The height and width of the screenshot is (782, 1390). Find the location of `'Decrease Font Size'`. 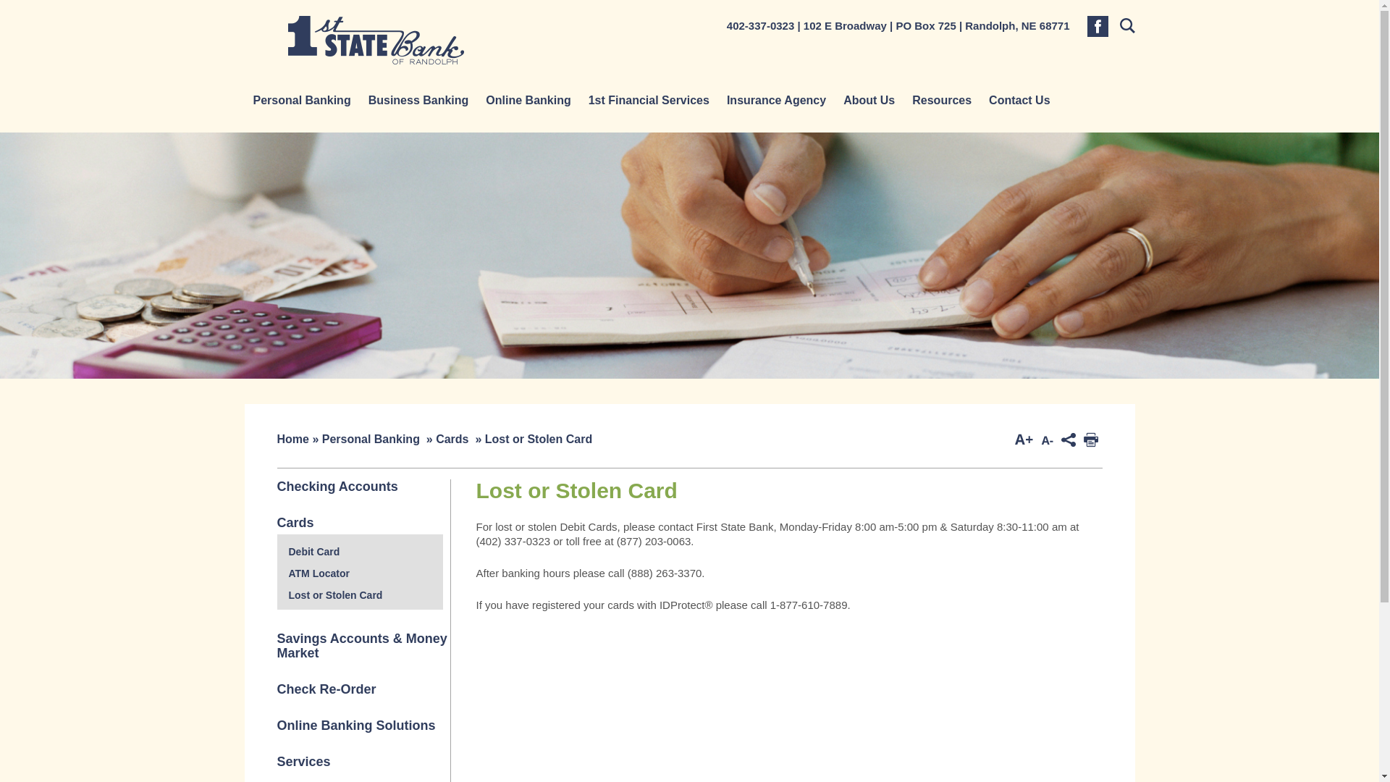

'Decrease Font Size' is located at coordinates (1047, 440).